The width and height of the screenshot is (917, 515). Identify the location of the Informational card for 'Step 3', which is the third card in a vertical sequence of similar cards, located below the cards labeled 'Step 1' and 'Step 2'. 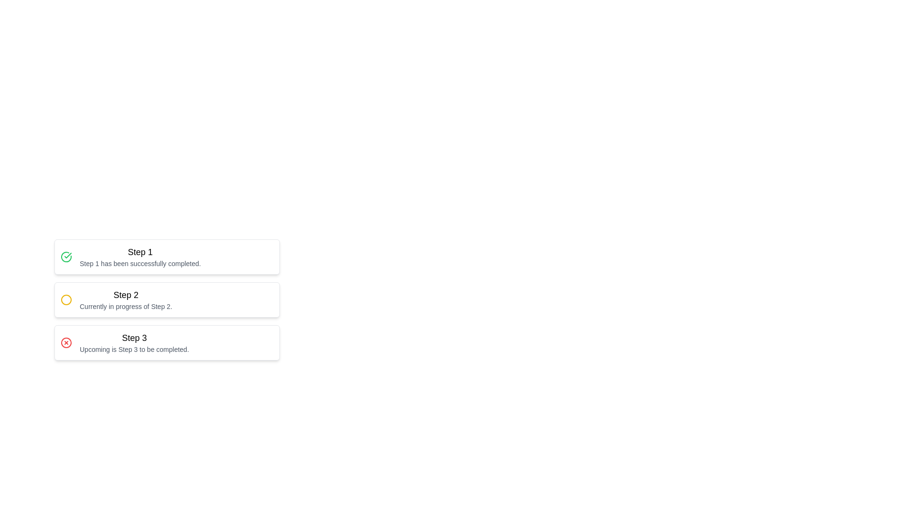
(167, 342).